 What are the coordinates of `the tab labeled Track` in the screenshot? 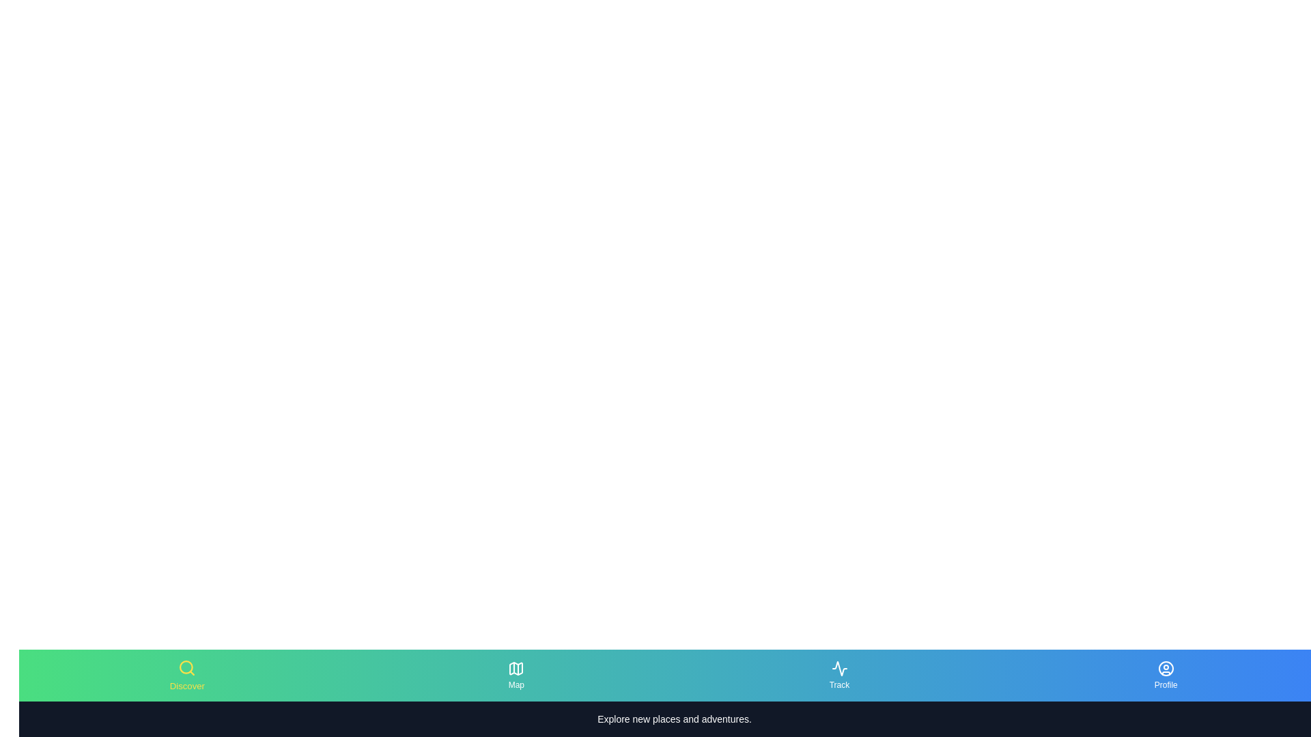 It's located at (838, 676).